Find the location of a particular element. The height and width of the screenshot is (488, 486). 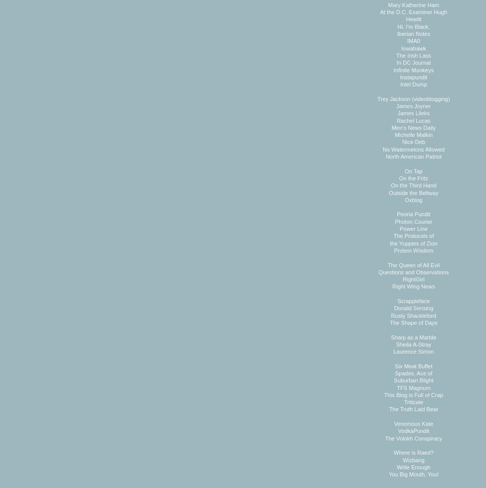

'Scrappleface' is located at coordinates (413, 301).